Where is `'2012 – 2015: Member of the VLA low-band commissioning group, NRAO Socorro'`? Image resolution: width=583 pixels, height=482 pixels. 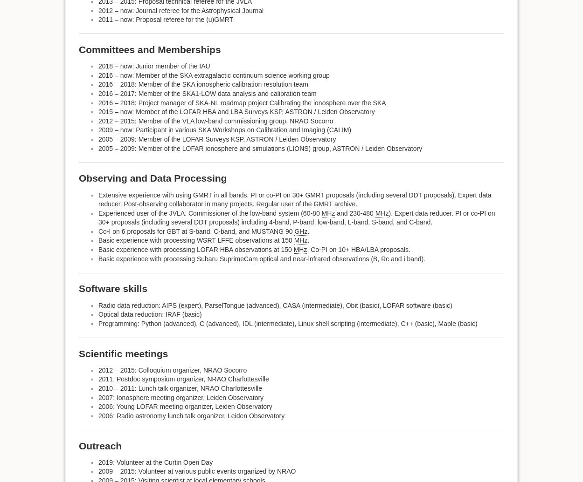 '2012 – 2015: Member of the VLA low-band commissioning group, NRAO Socorro' is located at coordinates (215, 120).